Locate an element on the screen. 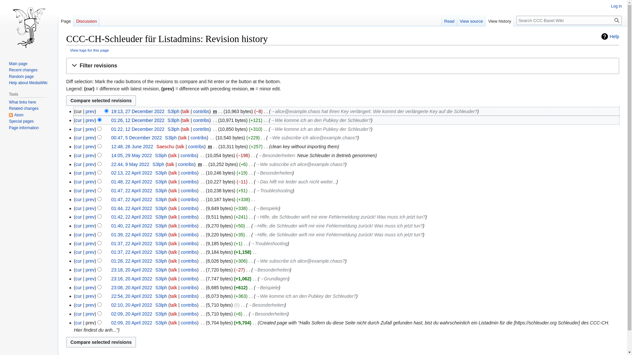 Image resolution: width=632 pixels, height=355 pixels. 'What links here' is located at coordinates (22, 102).